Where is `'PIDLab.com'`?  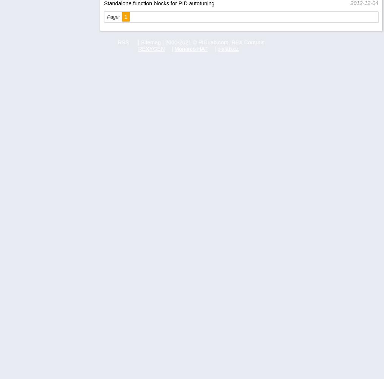 'PIDLab.com' is located at coordinates (213, 42).